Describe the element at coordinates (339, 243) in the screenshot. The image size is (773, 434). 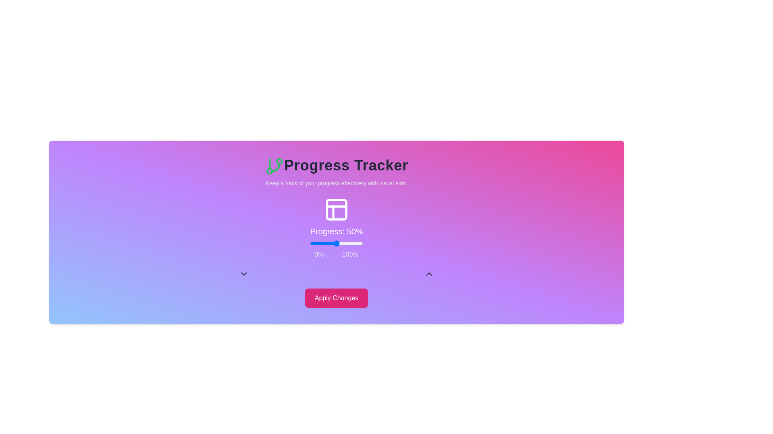
I see `the progress slider to 56%` at that location.